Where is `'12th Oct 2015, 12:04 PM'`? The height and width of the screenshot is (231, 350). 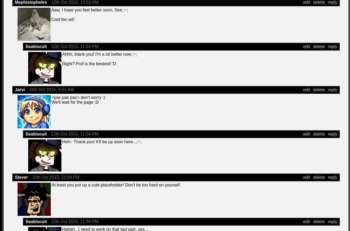
'12th Oct 2015, 12:04 PM' is located at coordinates (55, 177).